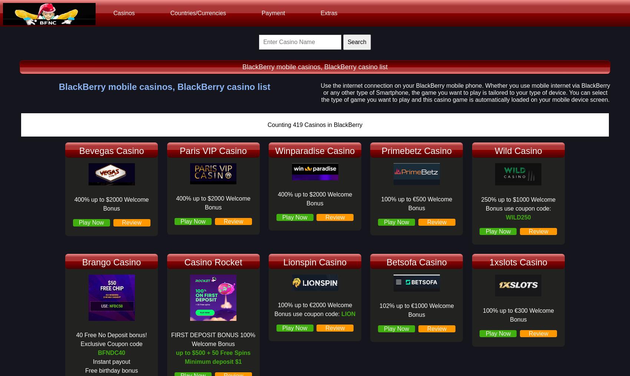 The height and width of the screenshot is (376, 630). Describe the element at coordinates (262, 13) in the screenshot. I see `'Payment'` at that location.